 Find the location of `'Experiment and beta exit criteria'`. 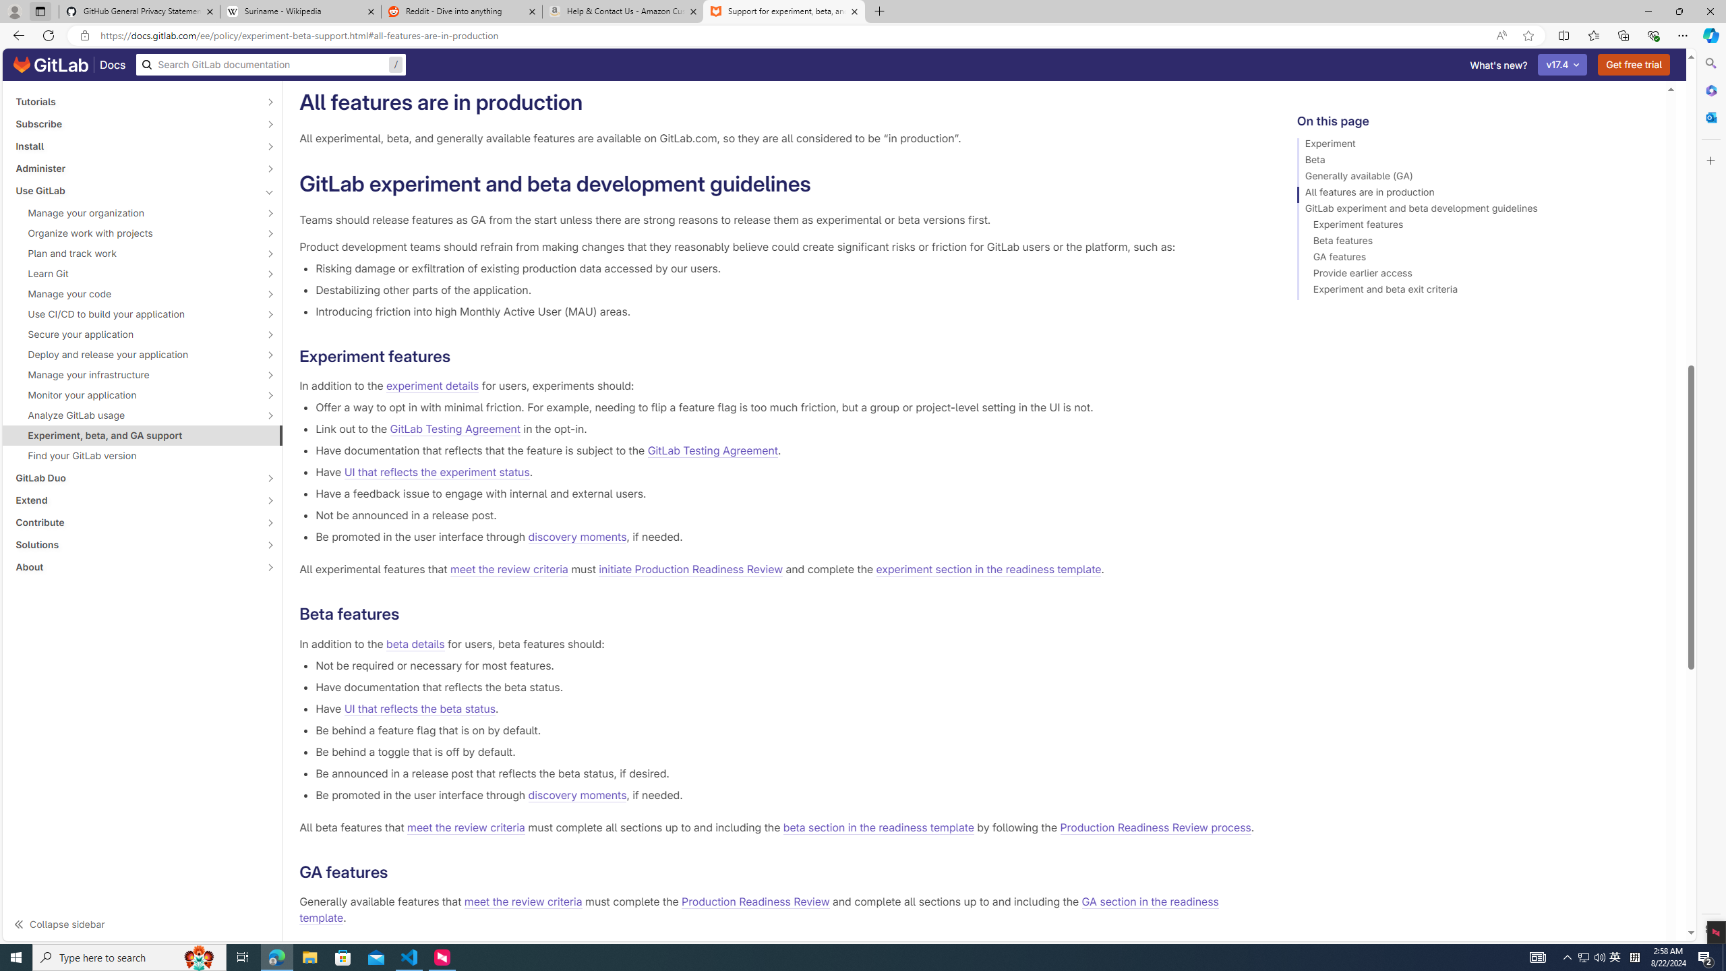

'Experiment and beta exit criteria' is located at coordinates (1475, 291).